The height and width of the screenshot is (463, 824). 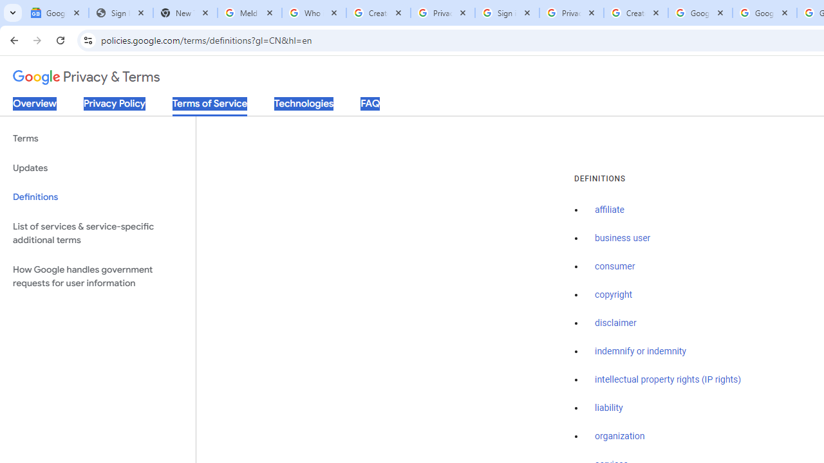 What do you see at coordinates (636, 13) in the screenshot?
I see `'Create your Google Account'` at bounding box center [636, 13].